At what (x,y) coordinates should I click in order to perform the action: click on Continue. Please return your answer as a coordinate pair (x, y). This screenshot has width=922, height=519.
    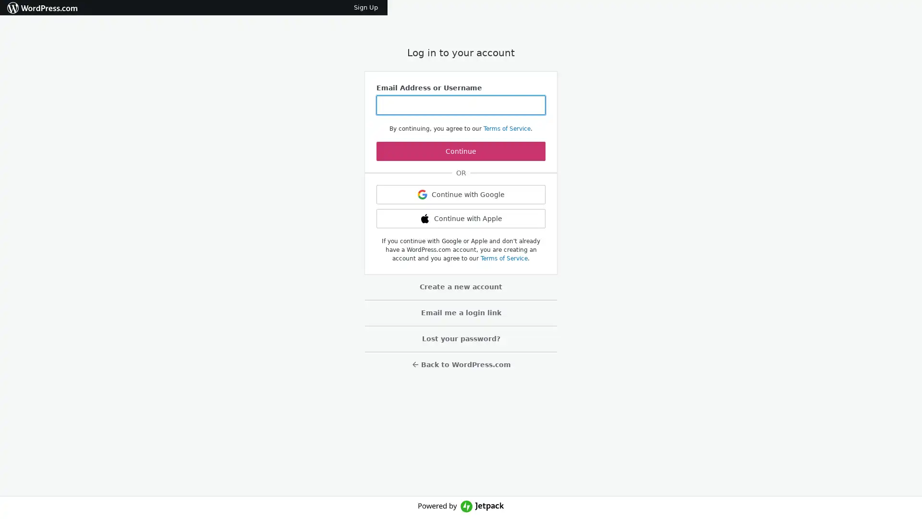
    Looking at the image, I should click on (461, 151).